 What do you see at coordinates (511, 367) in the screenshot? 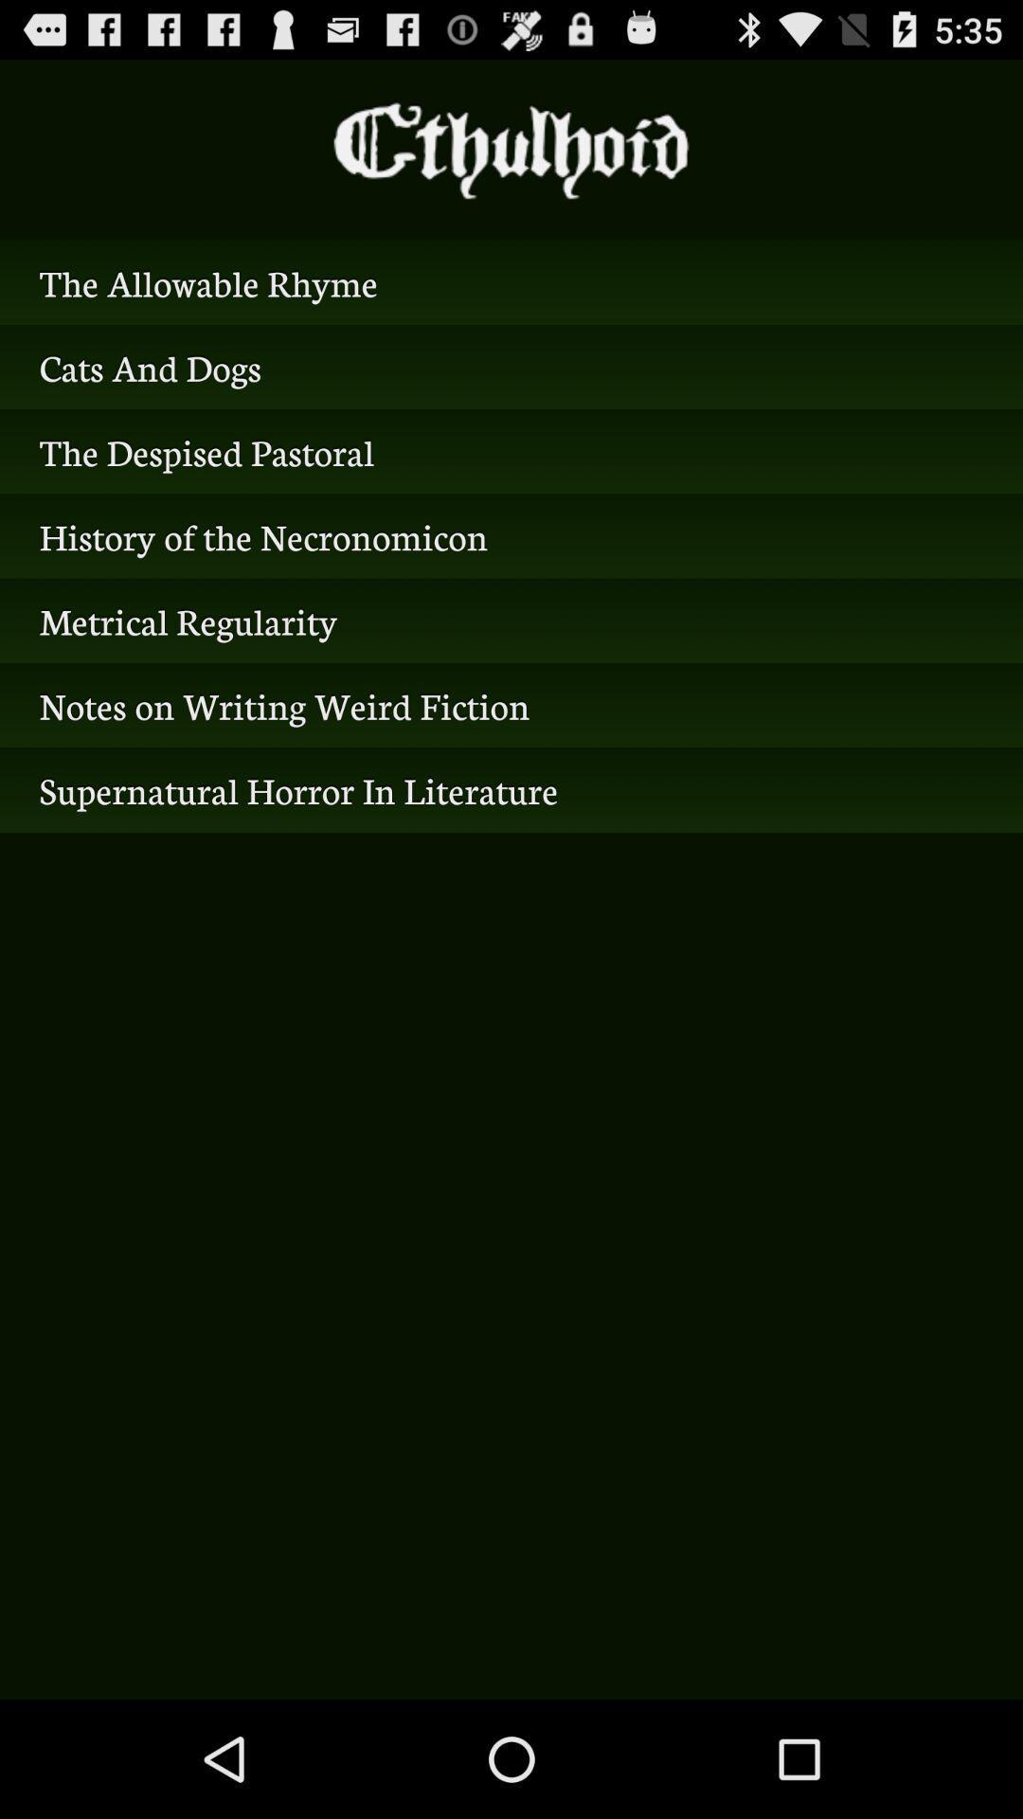
I see `the item above the the despised pastoral` at bounding box center [511, 367].